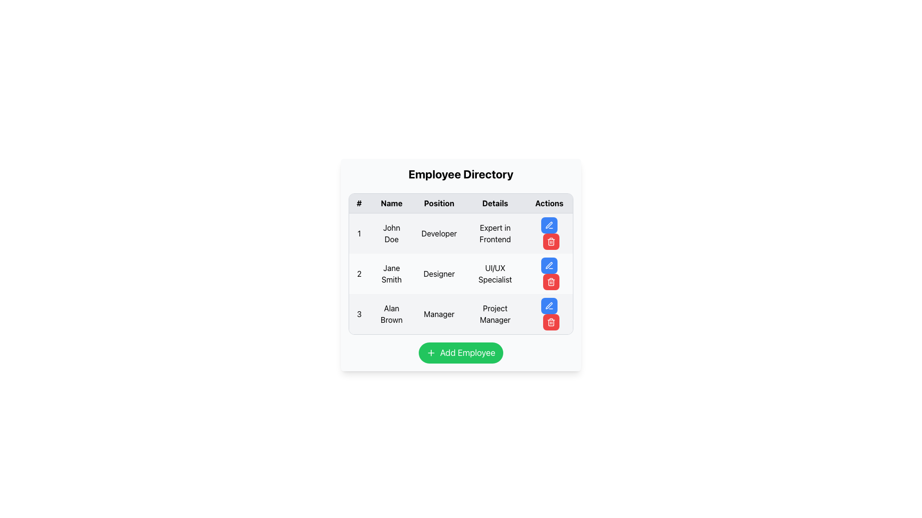 The image size is (922, 518). Describe the element at coordinates (549, 225) in the screenshot. I see `the edit action button located in the 'Actions' column of the first row in the employee table to initiate the edit process` at that location.